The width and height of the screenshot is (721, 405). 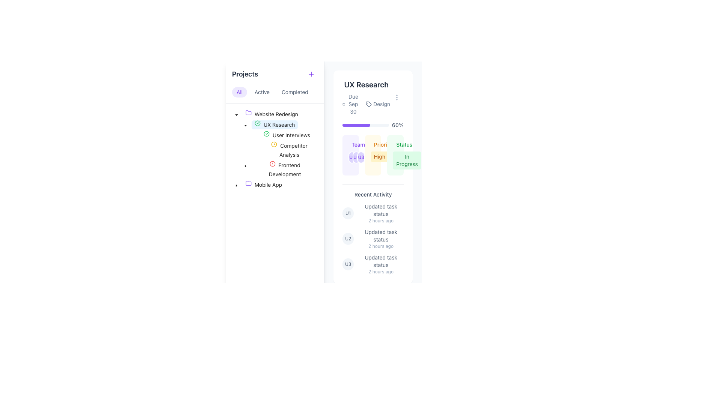 What do you see at coordinates (348, 238) in the screenshot?
I see `the static label component displaying 'U2' located in the 'Team' section of the 'UX Research' panel, which is the middle element among three similar labels` at bounding box center [348, 238].